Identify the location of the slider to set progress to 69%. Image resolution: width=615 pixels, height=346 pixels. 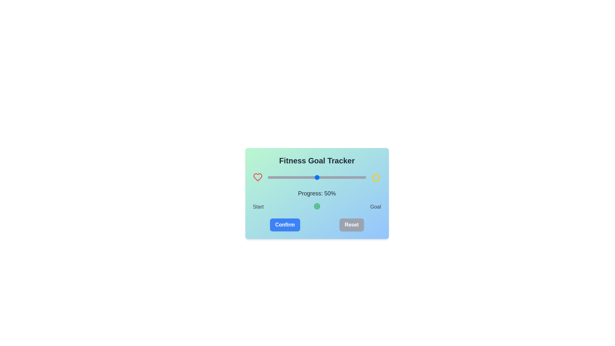
(335, 177).